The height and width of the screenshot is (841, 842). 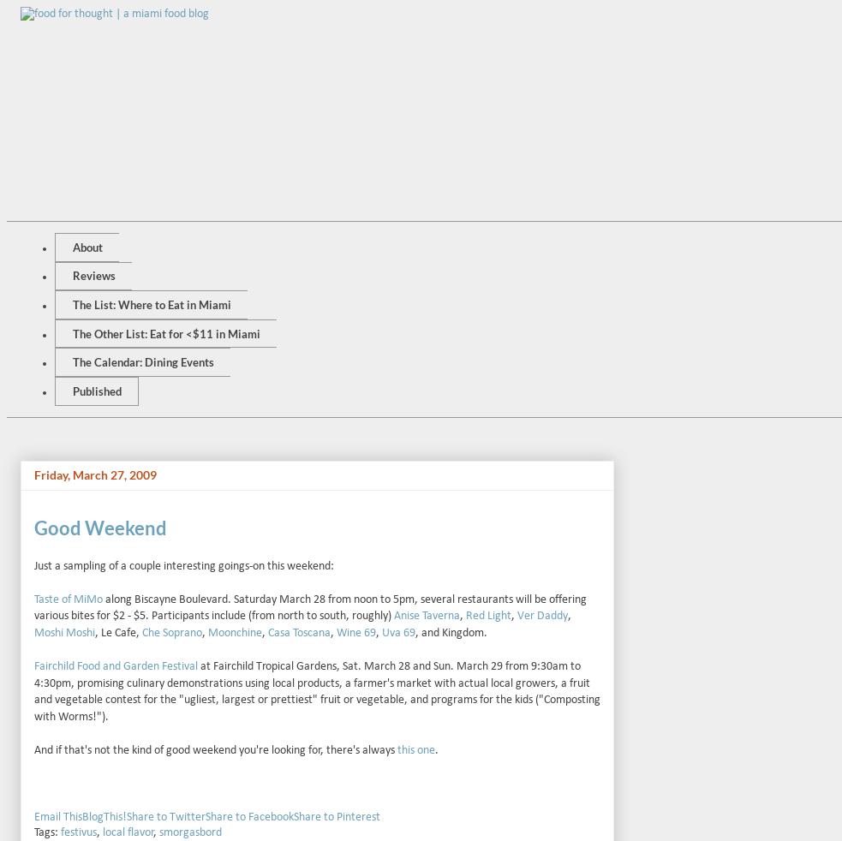 I want to click on 'The Calendar: Dining Events', so click(x=142, y=362).